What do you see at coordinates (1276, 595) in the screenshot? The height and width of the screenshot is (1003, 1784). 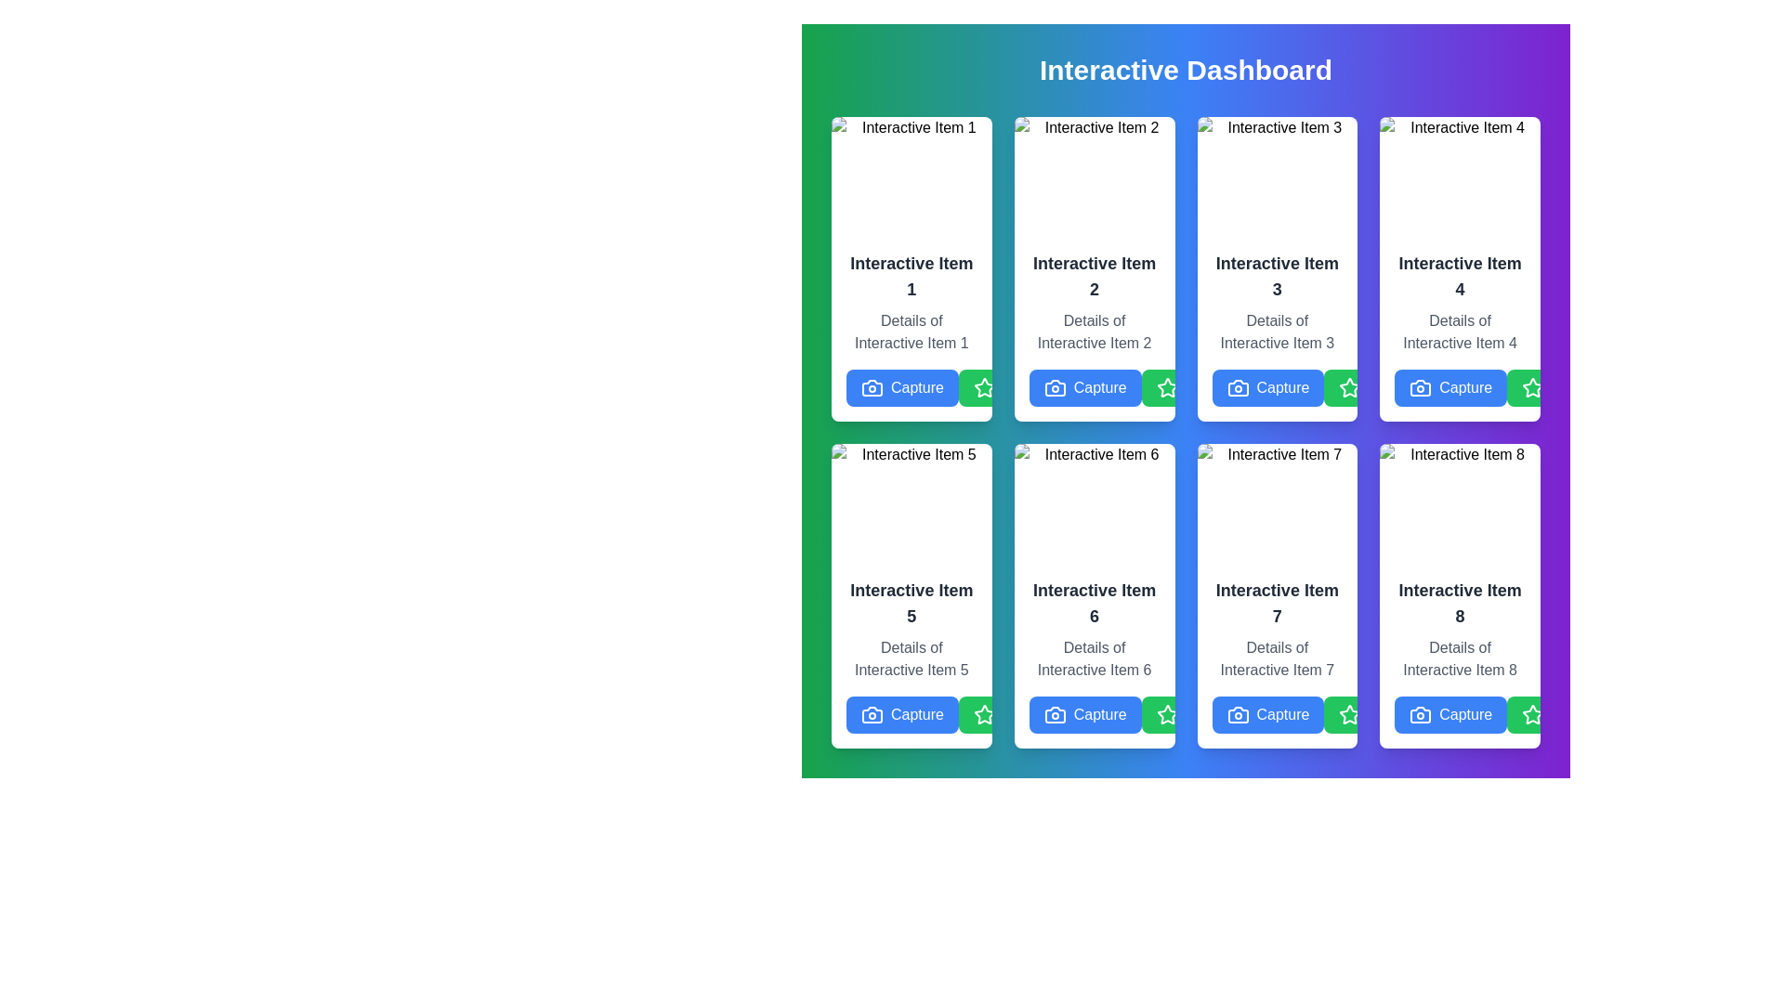 I see `the details text of the card titled 'Interactive Item 7', which is displayed in a grid layout with a white background and rounded edges` at bounding box center [1276, 595].